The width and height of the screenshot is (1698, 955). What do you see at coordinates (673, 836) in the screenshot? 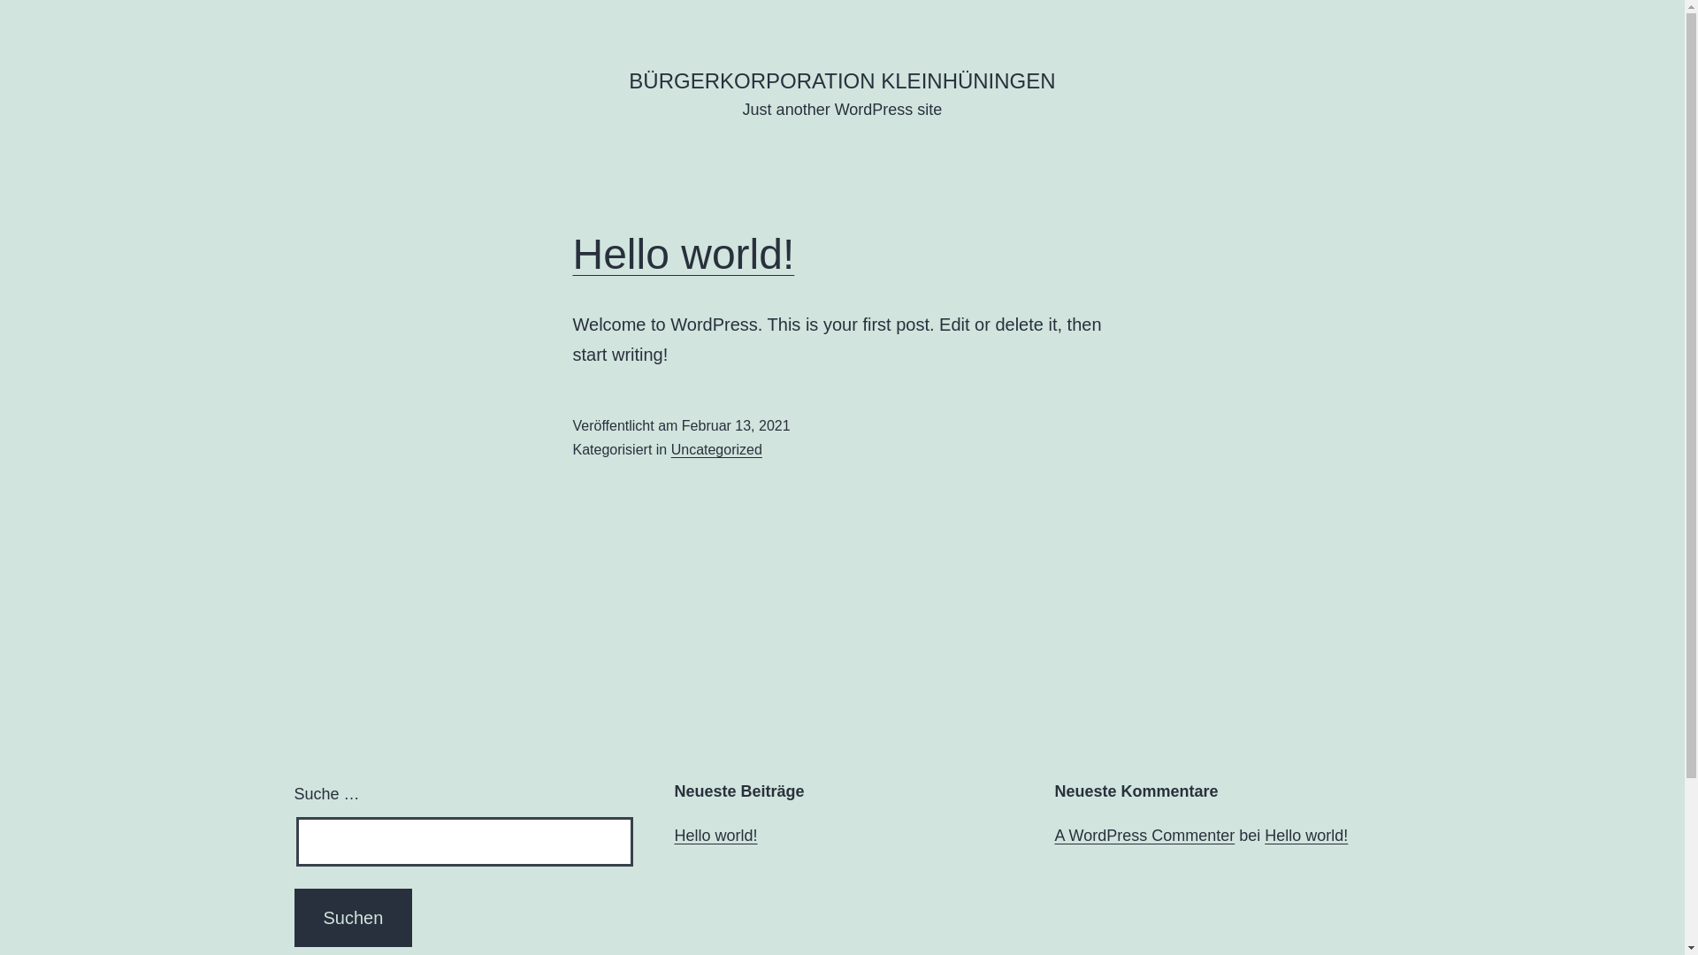
I see `'Hello world!'` at bounding box center [673, 836].